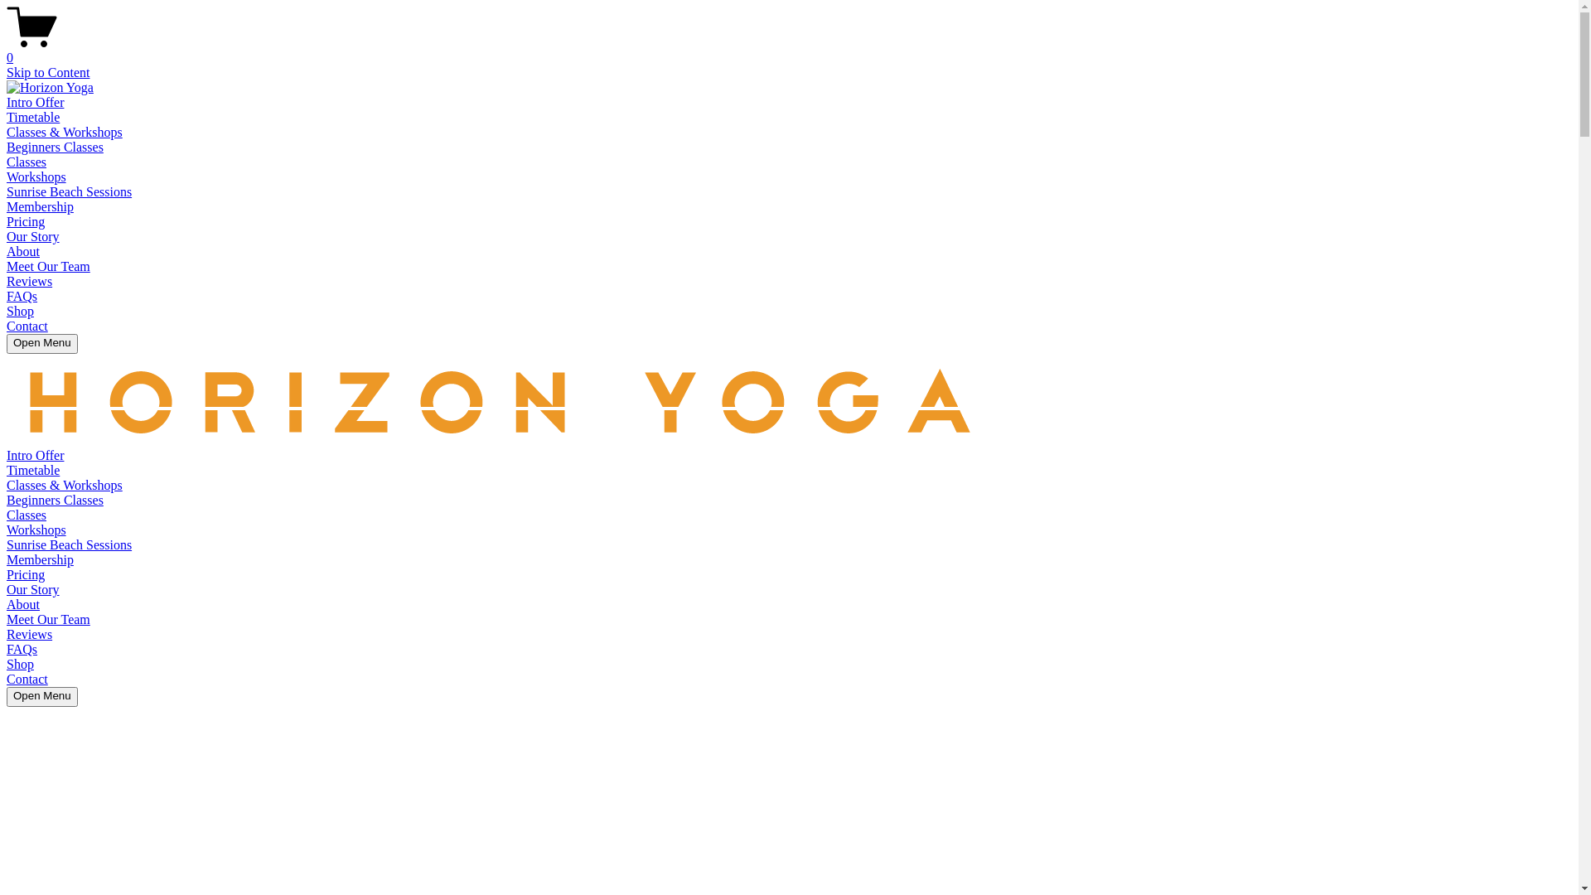 The width and height of the screenshot is (1591, 895). Describe the element at coordinates (40, 206) in the screenshot. I see `'Membership'` at that location.